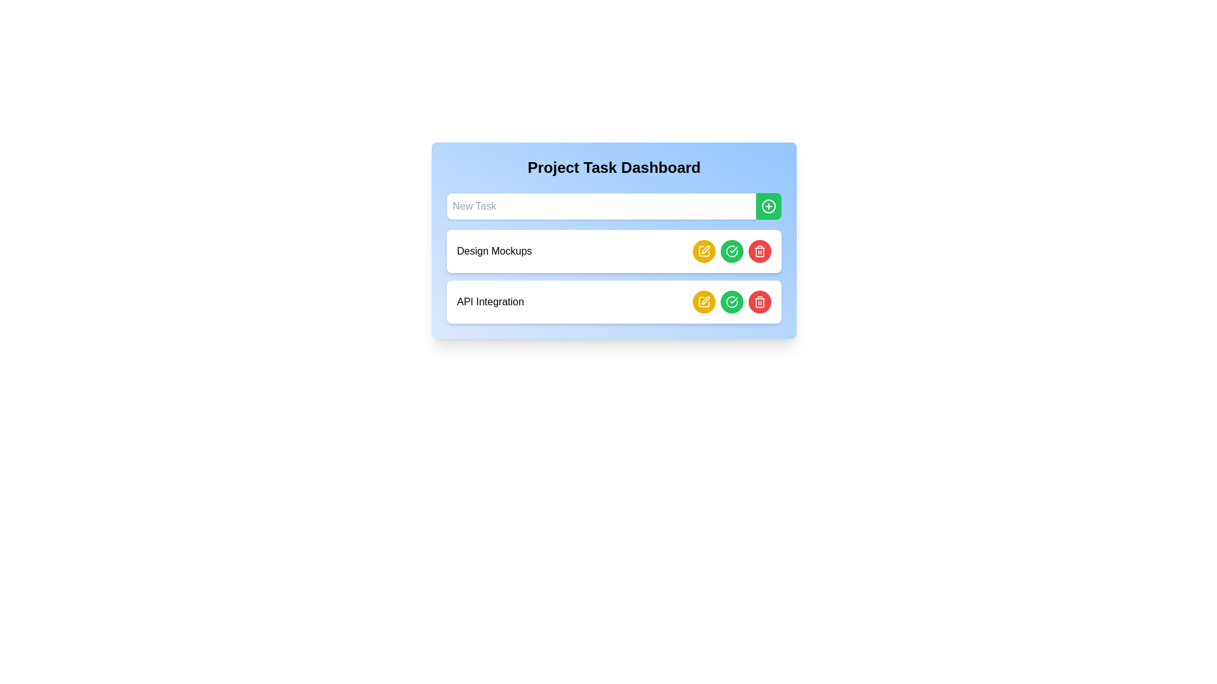 The height and width of the screenshot is (684, 1217). What do you see at coordinates (703, 302) in the screenshot?
I see `the yellow circular button with a pen icon located on the right side of the 'Design Mockups' task item to initiate editing` at bounding box center [703, 302].